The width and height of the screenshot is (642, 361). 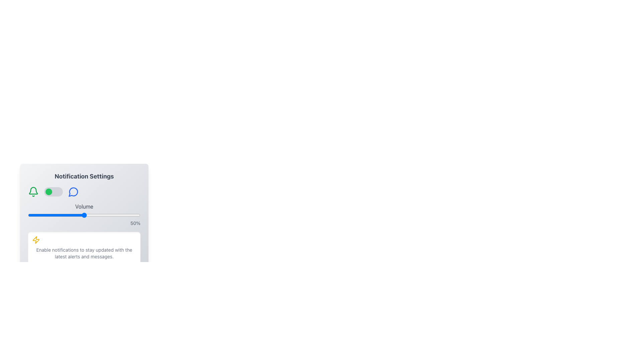 What do you see at coordinates (62, 215) in the screenshot?
I see `the volume` at bounding box center [62, 215].